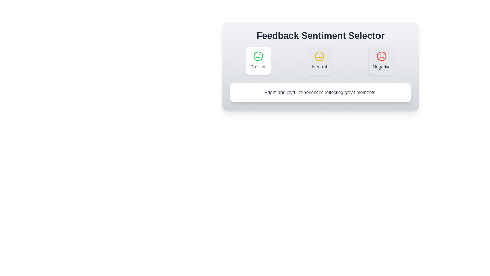  I want to click on the Negative tab to observe visual feedback, so click(382, 61).